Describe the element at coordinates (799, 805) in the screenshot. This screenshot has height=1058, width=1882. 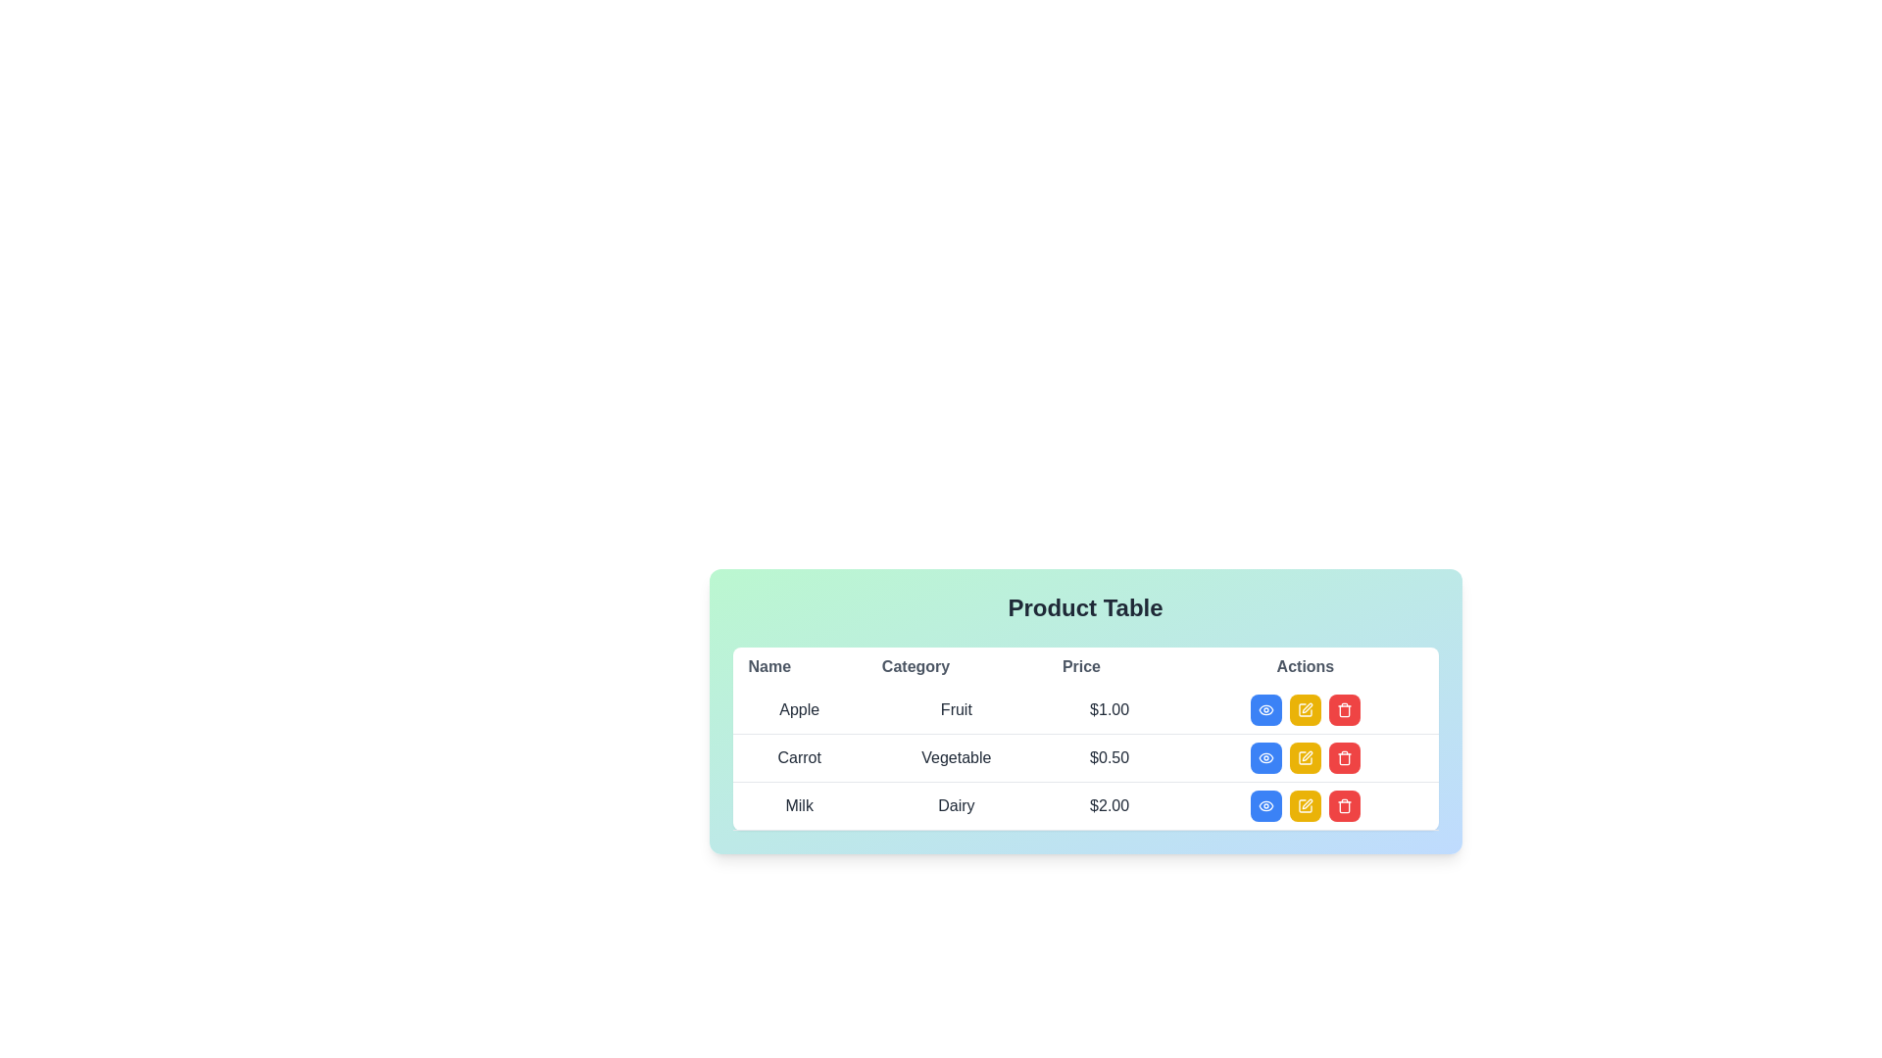
I see `the text label representing the product name in the 'Product Table', located in the first column of the third row, adjacent to the cells displaying 'Dairy' and '$2.00'` at that location.